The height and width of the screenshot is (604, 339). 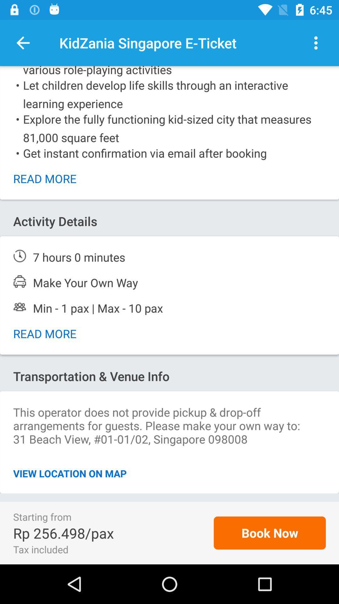 I want to click on the text just below activity details, so click(x=169, y=257).